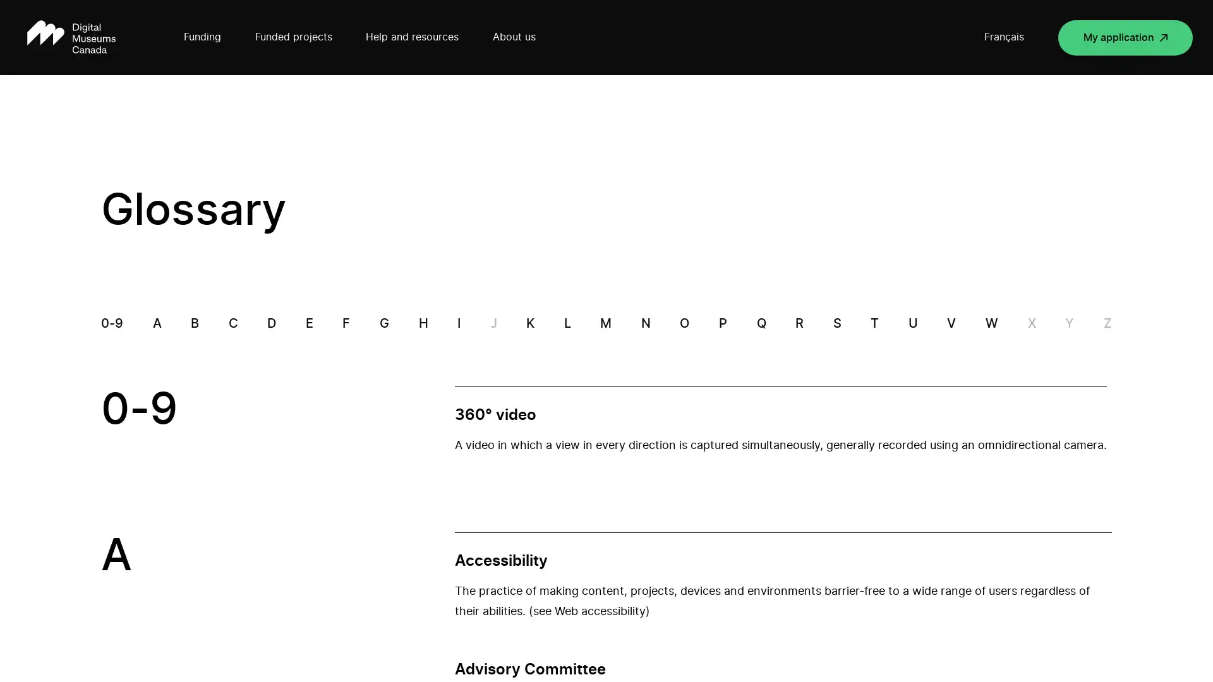  Describe the element at coordinates (874, 323) in the screenshot. I see `T` at that location.